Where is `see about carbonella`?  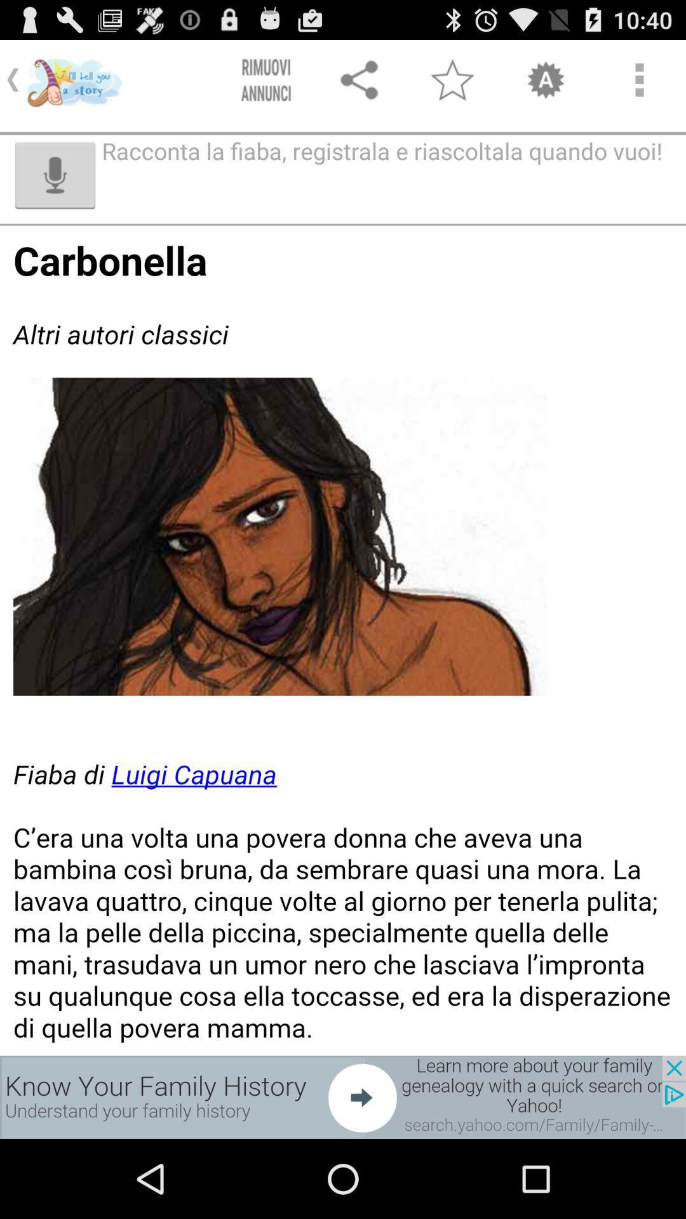
see about carbonella is located at coordinates (343, 641).